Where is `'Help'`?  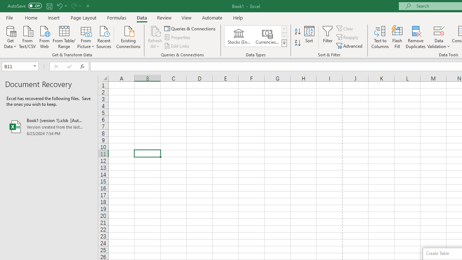
'Help' is located at coordinates (238, 17).